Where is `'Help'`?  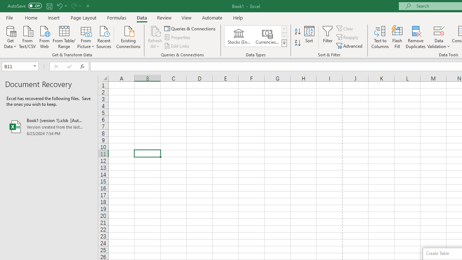
'Help' is located at coordinates (238, 17).